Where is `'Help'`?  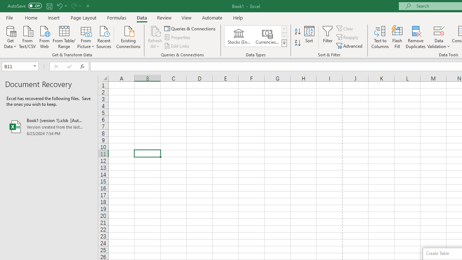
'Help' is located at coordinates (238, 17).